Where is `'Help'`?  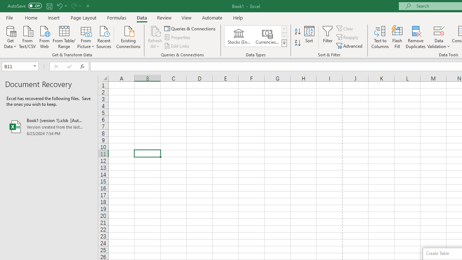
'Help' is located at coordinates (238, 17).